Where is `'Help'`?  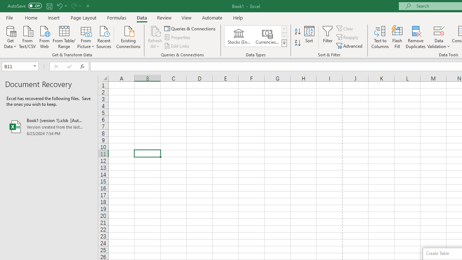
'Help' is located at coordinates (238, 17).